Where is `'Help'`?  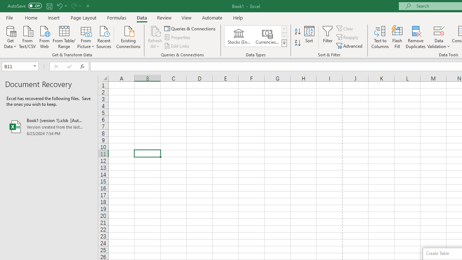
'Help' is located at coordinates (238, 17).